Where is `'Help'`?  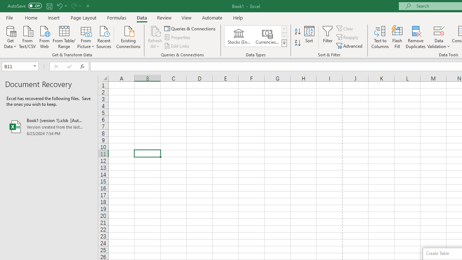
'Help' is located at coordinates (238, 17).